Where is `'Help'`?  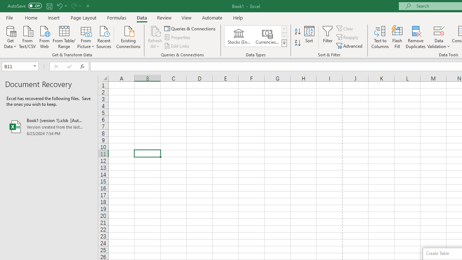
'Help' is located at coordinates (238, 17).